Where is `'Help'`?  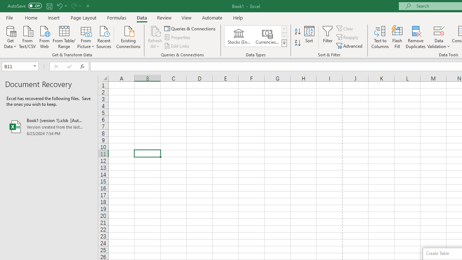
'Help' is located at coordinates (238, 17).